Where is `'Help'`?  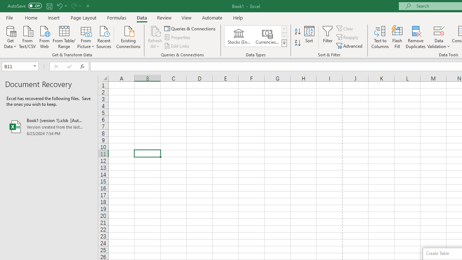
'Help' is located at coordinates (238, 17).